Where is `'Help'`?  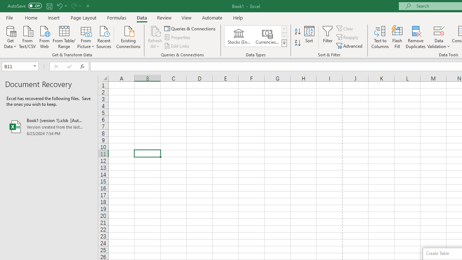
'Help' is located at coordinates (238, 17).